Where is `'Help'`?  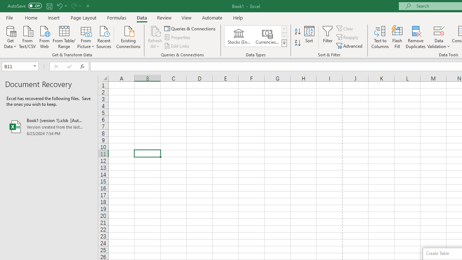
'Help' is located at coordinates (238, 17).